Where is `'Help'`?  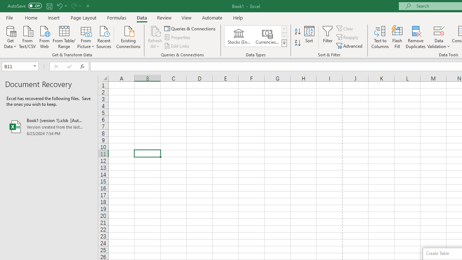
'Help' is located at coordinates (238, 17).